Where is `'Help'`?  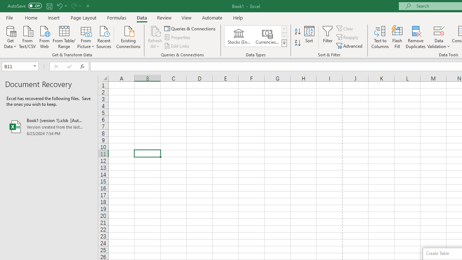
'Help' is located at coordinates (238, 17).